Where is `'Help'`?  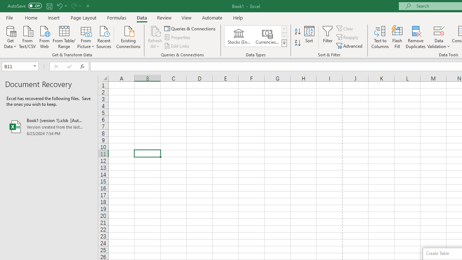
'Help' is located at coordinates (238, 17).